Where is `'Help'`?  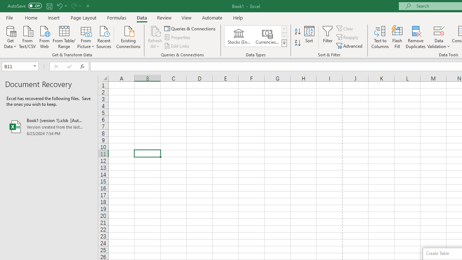
'Help' is located at coordinates (238, 17).